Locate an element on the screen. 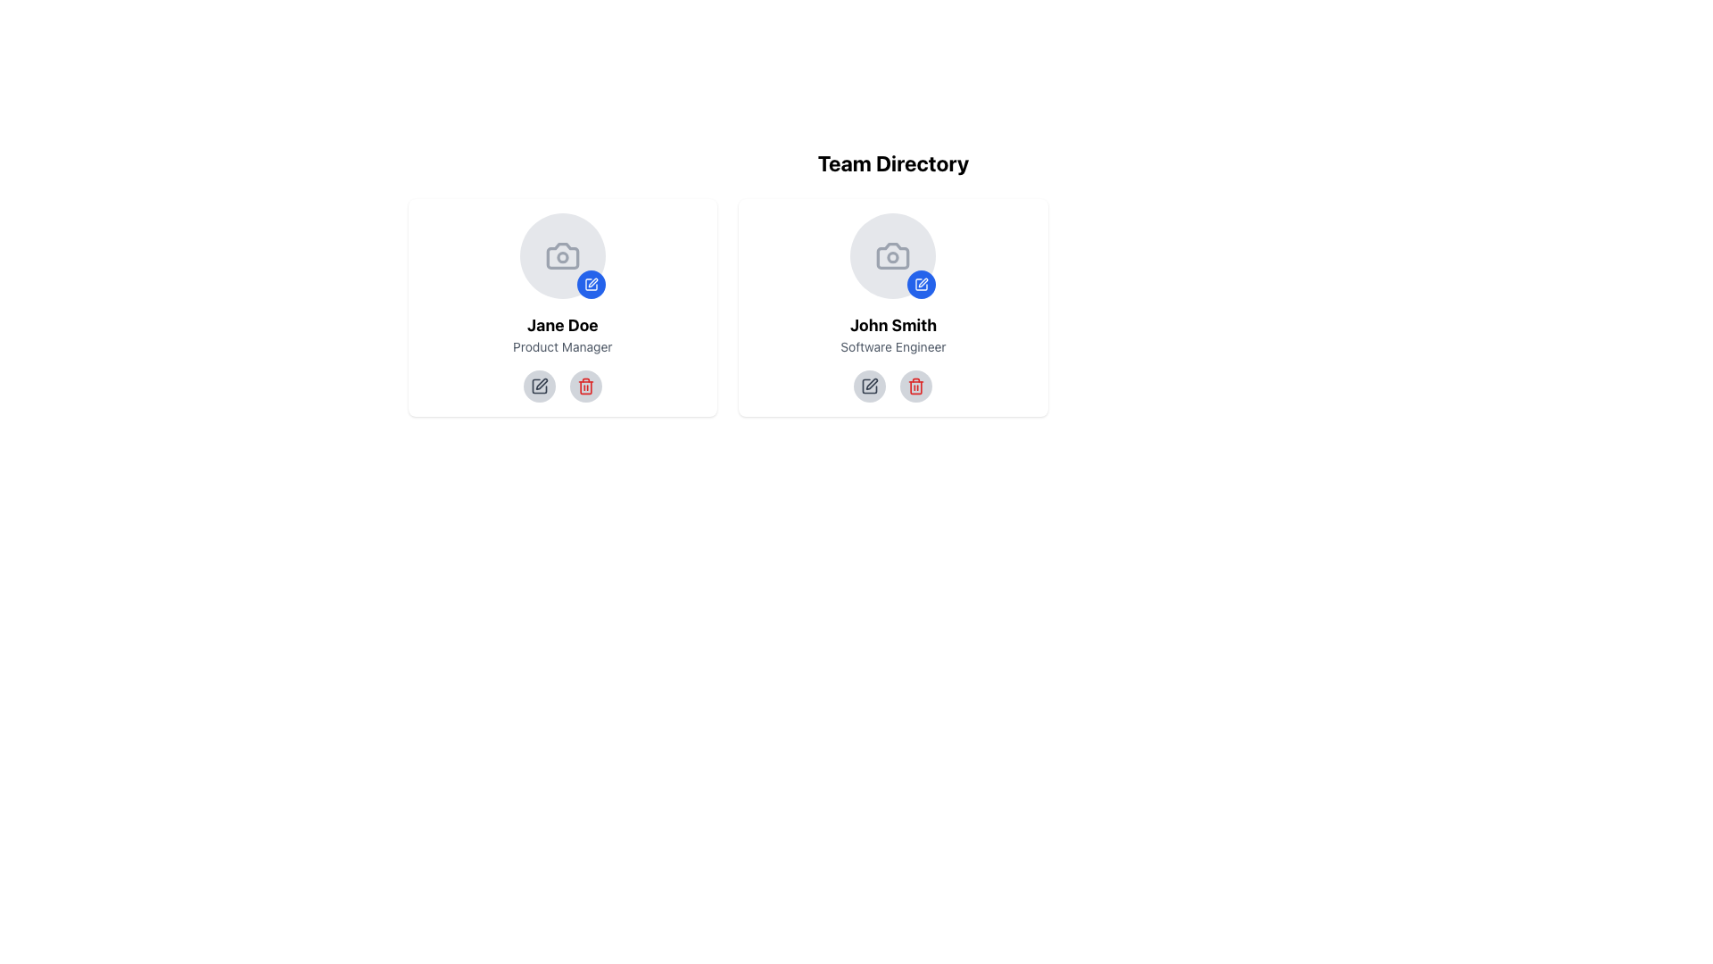  the camera icon visually representing the profile photo functionality in the second user profile card under the name 'John Smith' is located at coordinates (893, 255).